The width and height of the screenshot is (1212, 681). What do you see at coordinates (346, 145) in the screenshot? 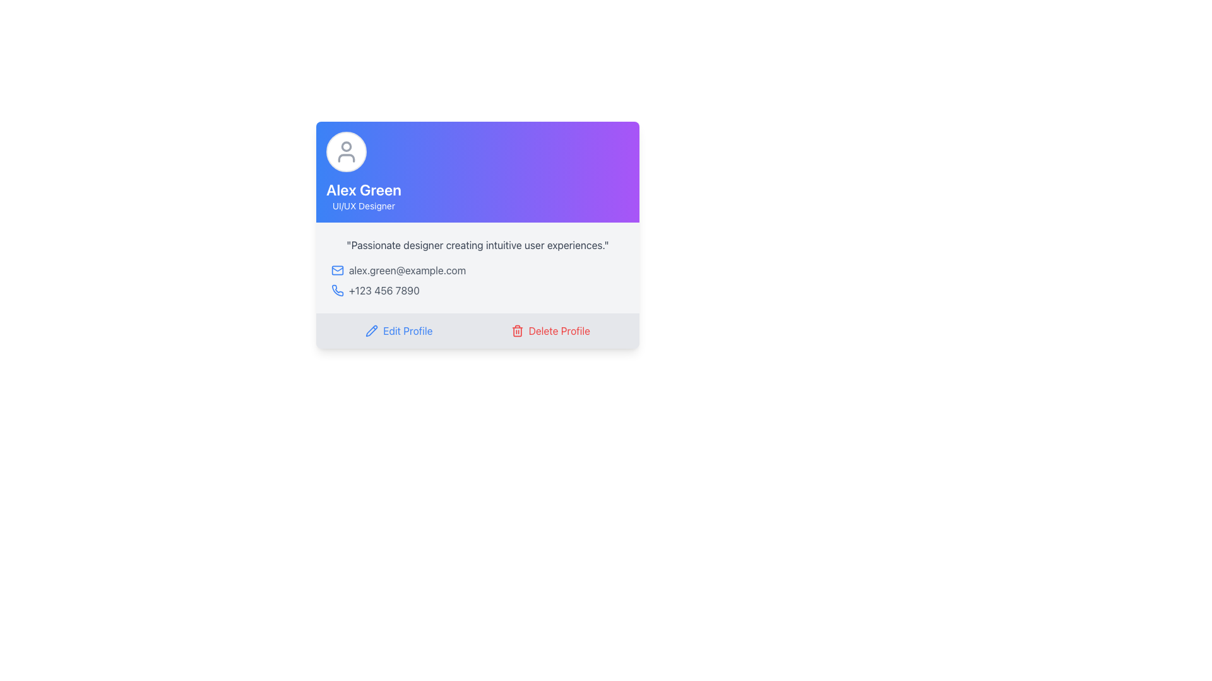
I see `the SVG circle element representing the head of the user figure within the user profile icon located at the top-left of the card interface` at bounding box center [346, 145].